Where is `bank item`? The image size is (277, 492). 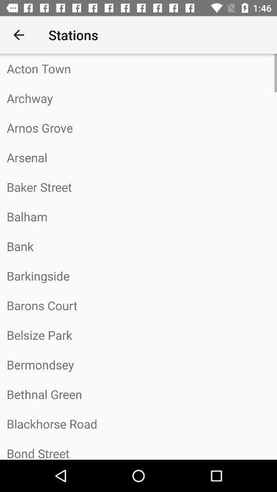
bank item is located at coordinates (138, 246).